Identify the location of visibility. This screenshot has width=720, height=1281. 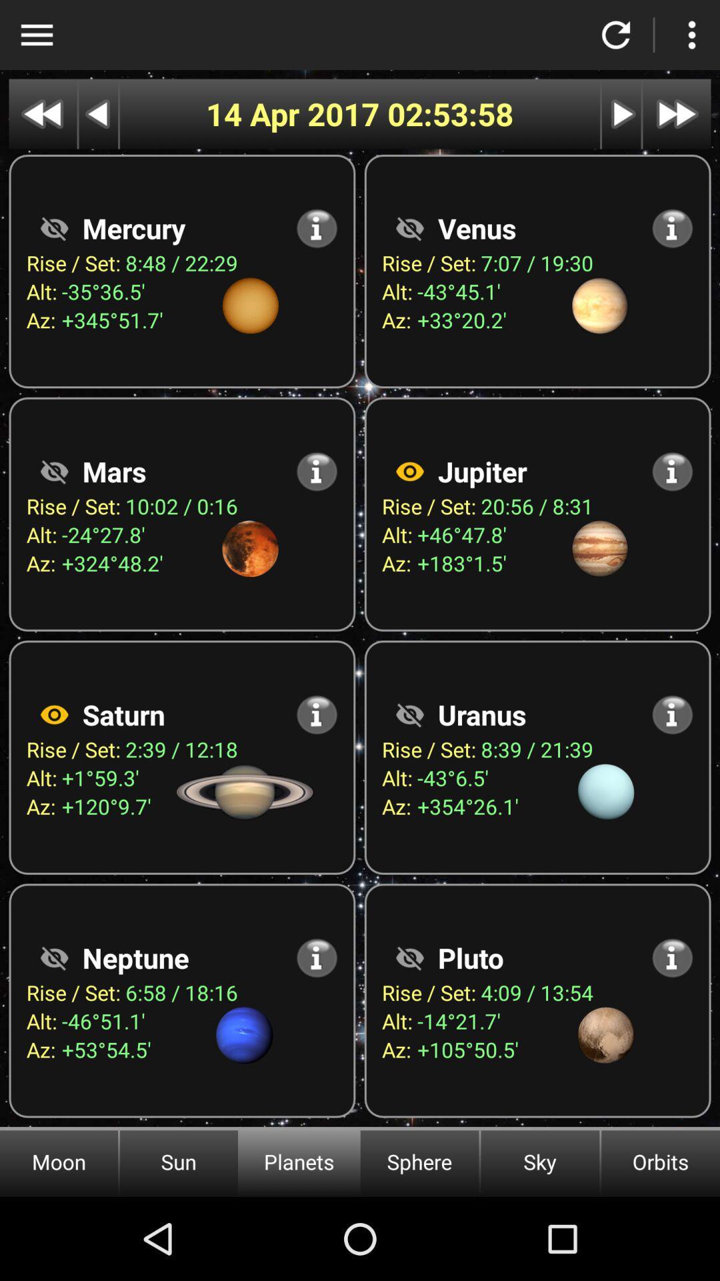
(53, 228).